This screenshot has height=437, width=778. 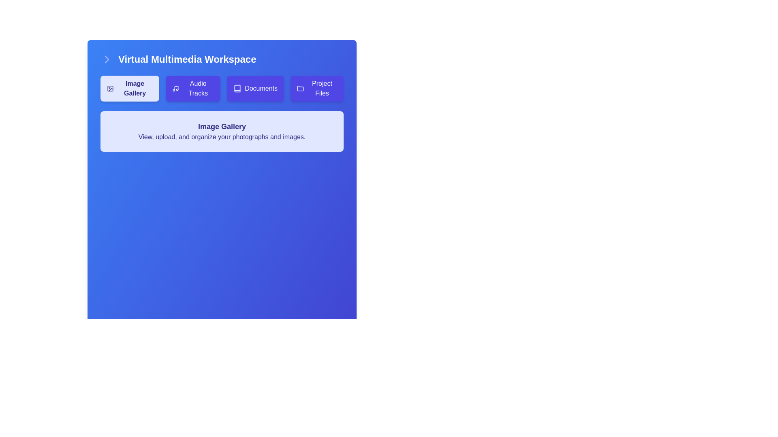 I want to click on text block labeled 'Image Gallery' that provides information about viewing, uploading, and organizing photographs and images, located below the 'Virtual Multimedia Workspace' header, so click(x=222, y=131).